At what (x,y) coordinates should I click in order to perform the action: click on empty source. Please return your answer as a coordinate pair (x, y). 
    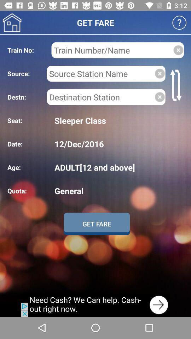
    Looking at the image, I should click on (160, 73).